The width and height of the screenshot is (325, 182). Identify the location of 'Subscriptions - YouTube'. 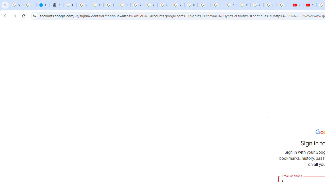
(309, 5).